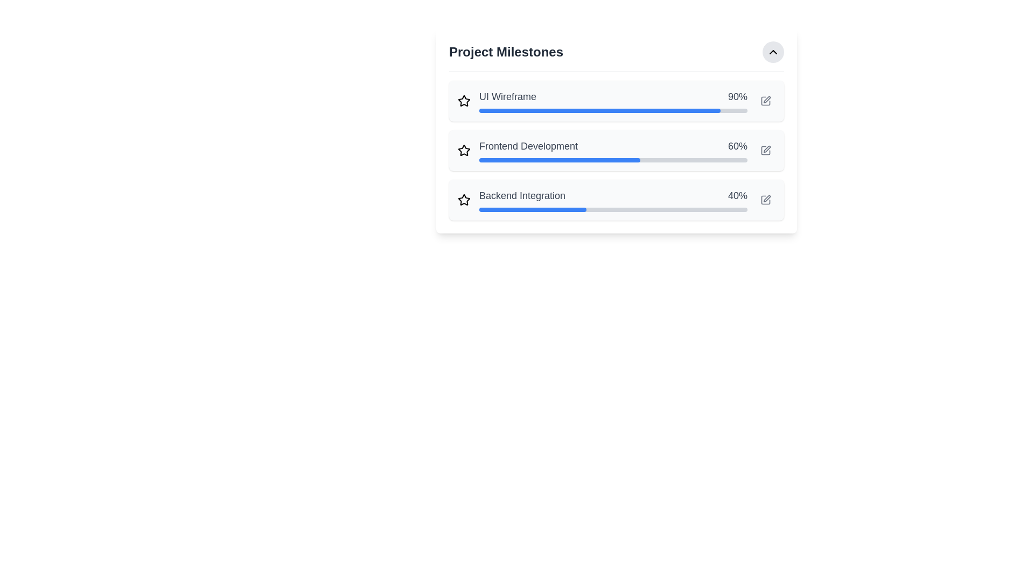 The width and height of the screenshot is (1034, 581). What do you see at coordinates (765, 101) in the screenshot?
I see `the small grey square icon with a pencil symbol located in the top-right corner of the 'UI Wireframe' section to change its color` at bounding box center [765, 101].